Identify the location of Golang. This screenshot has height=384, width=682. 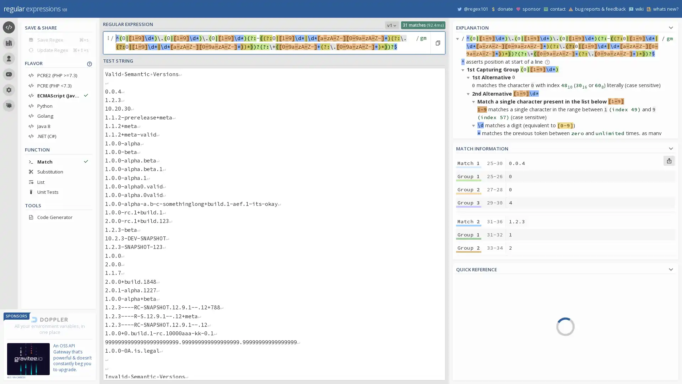
(58, 116).